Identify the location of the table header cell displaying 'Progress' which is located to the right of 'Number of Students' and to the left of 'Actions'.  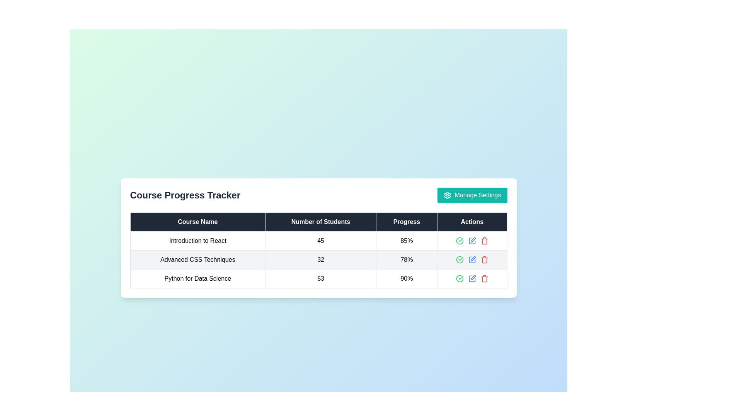
(406, 222).